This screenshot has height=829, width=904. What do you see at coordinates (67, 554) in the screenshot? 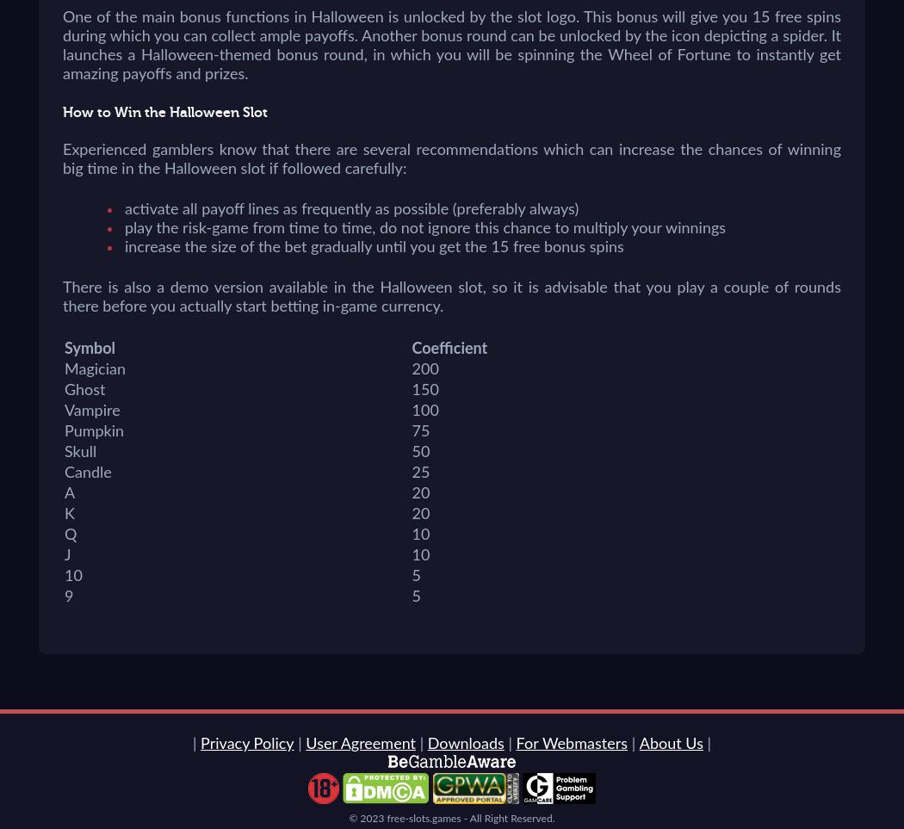
I see `'J'` at bounding box center [67, 554].